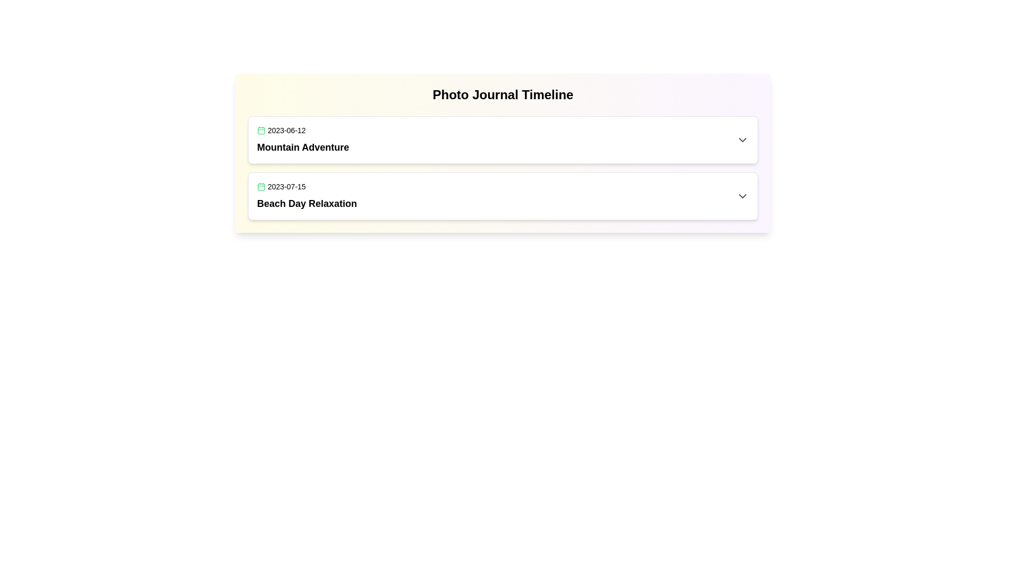 This screenshot has width=1020, height=573. I want to click on the Dropdown toggle button on the right side of the 'Mountain Adventure' entry, so click(742, 139).